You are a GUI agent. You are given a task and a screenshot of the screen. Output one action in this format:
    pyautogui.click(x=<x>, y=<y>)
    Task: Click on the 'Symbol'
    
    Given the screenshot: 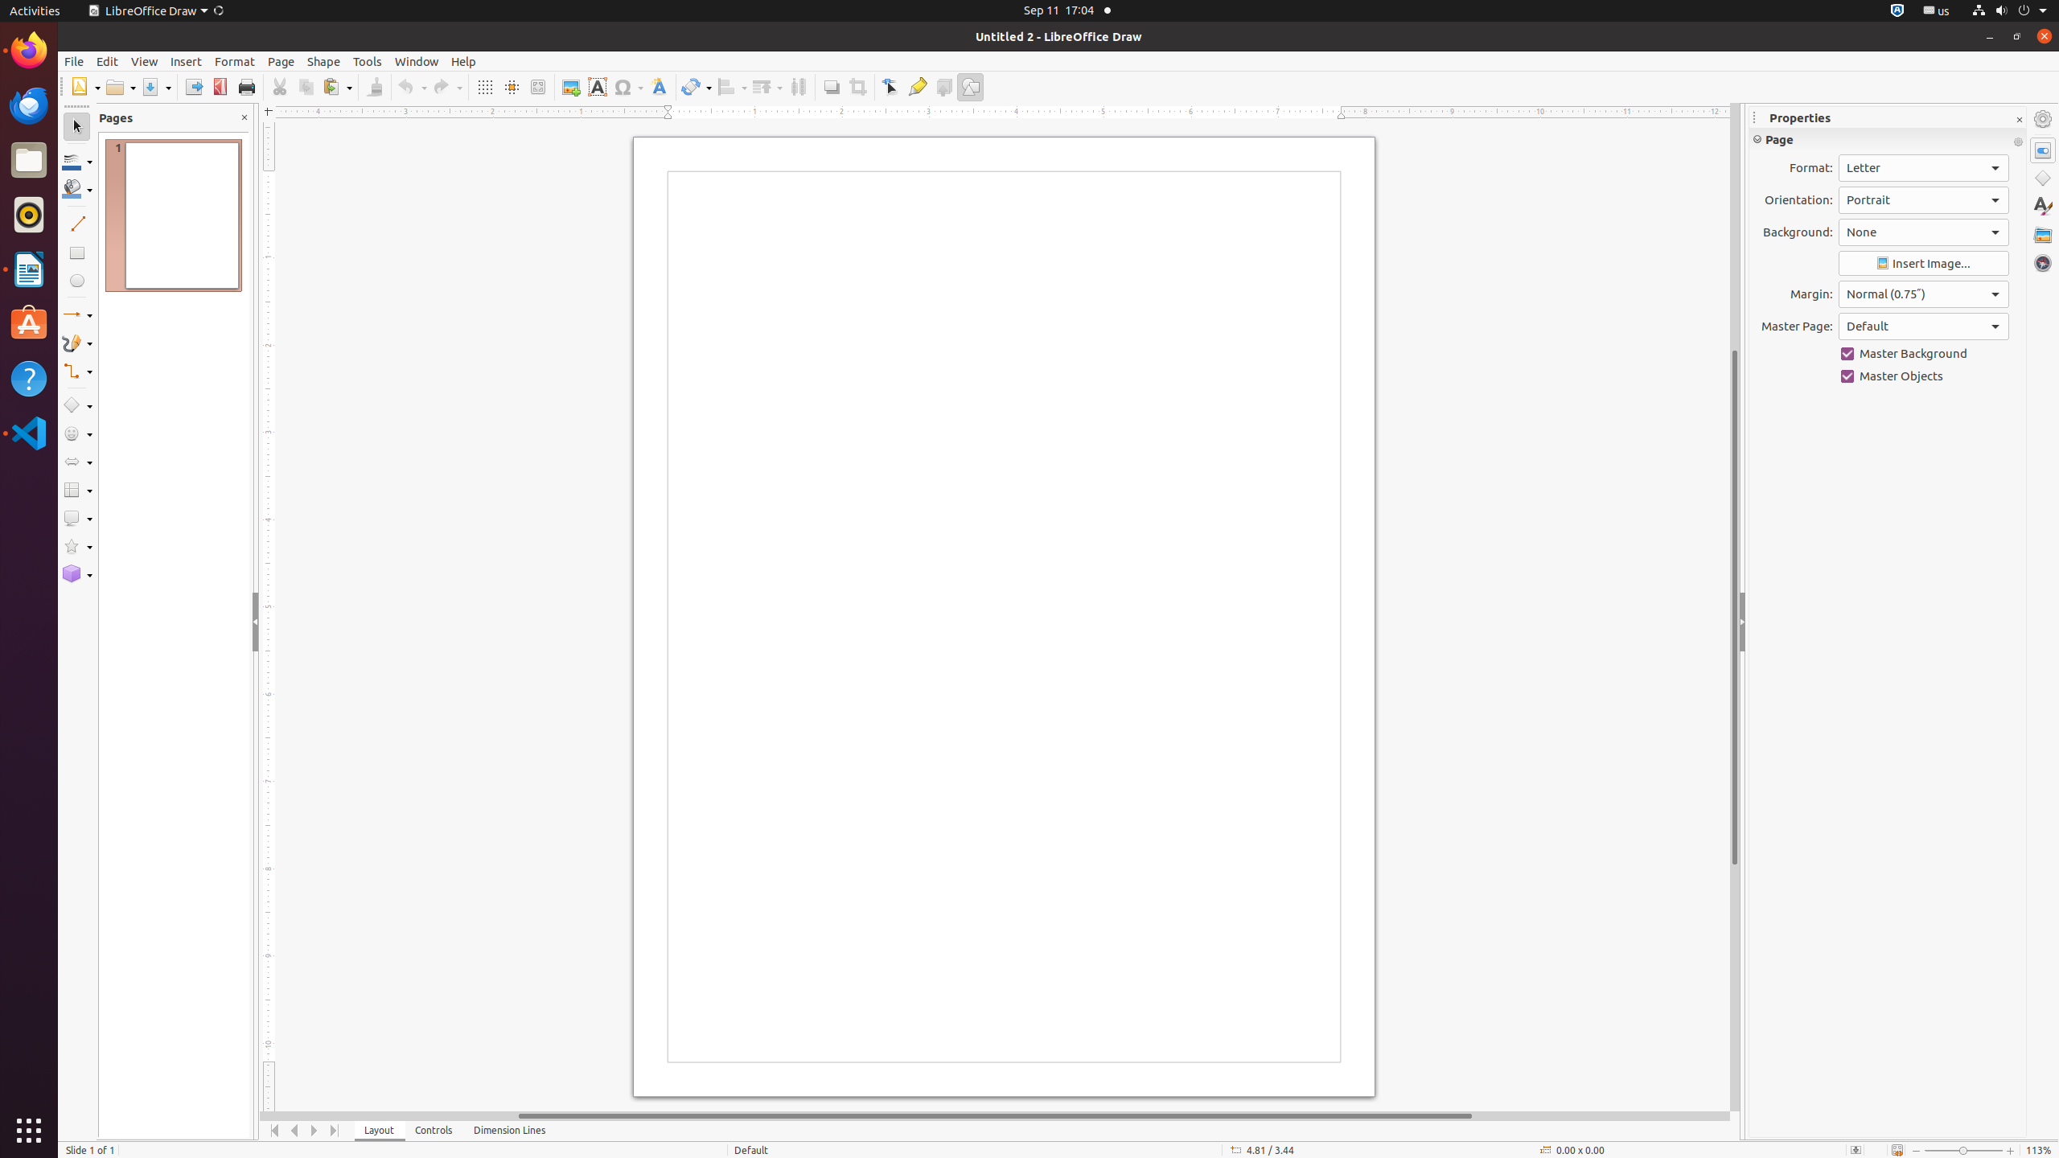 What is the action you would take?
    pyautogui.click(x=627, y=86)
    